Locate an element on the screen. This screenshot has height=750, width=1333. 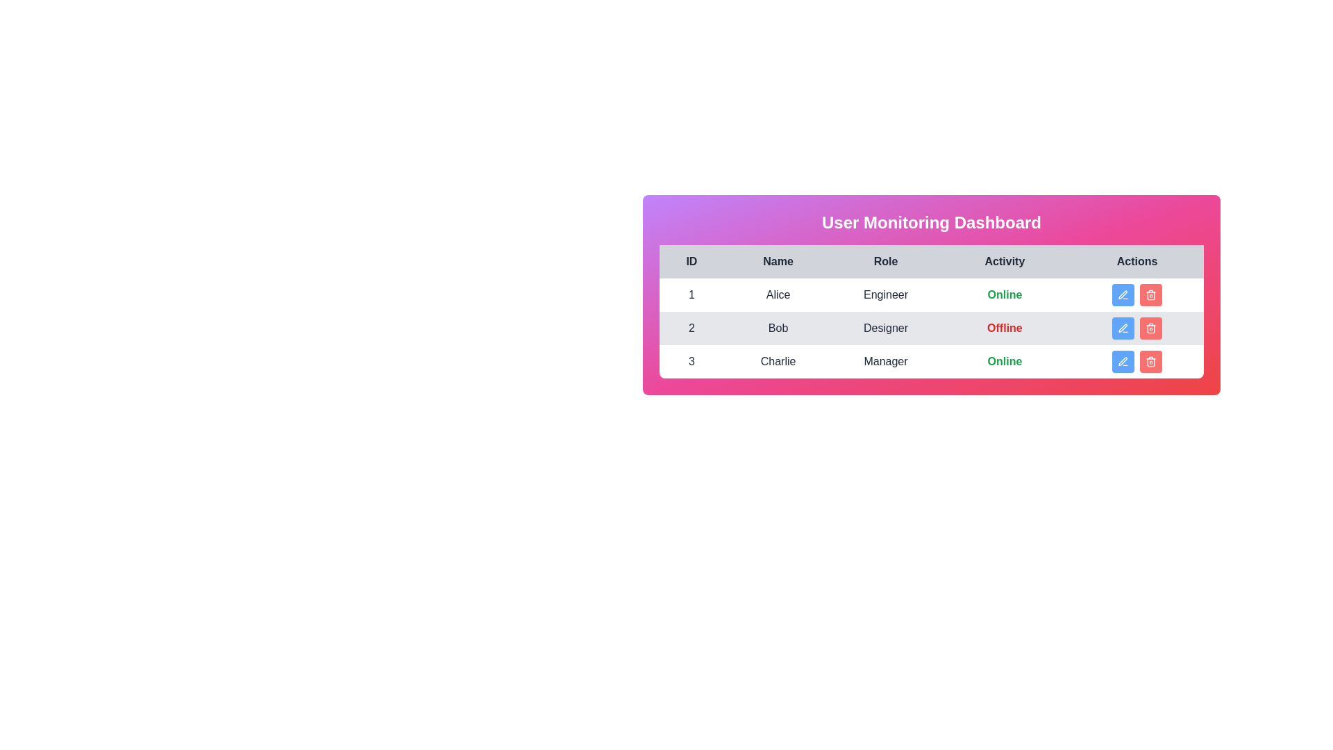
the delete button for the user with ID 3 is located at coordinates (1151, 360).